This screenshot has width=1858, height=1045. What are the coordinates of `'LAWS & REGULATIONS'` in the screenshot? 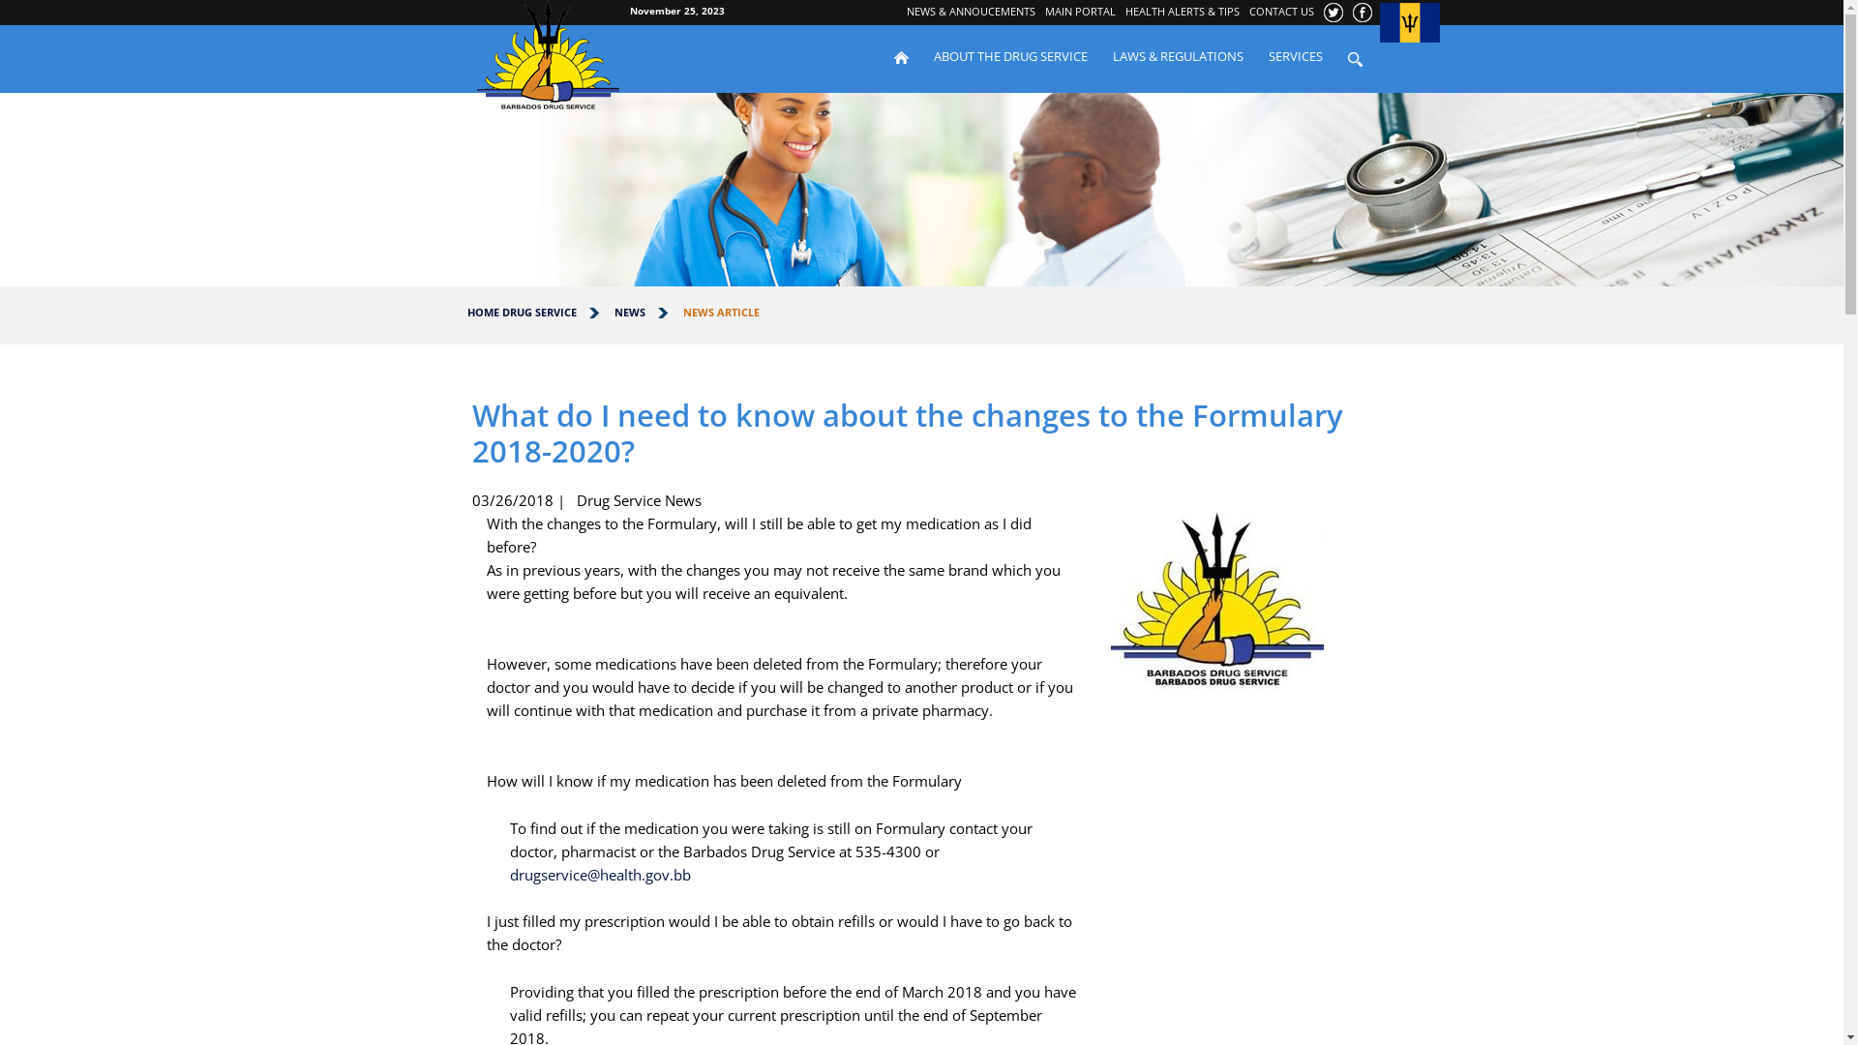 It's located at (1176, 54).